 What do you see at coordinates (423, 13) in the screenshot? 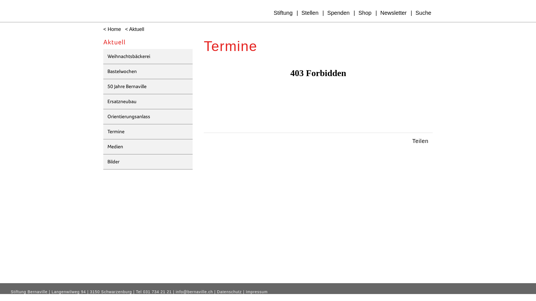
I see `'Suche'` at bounding box center [423, 13].